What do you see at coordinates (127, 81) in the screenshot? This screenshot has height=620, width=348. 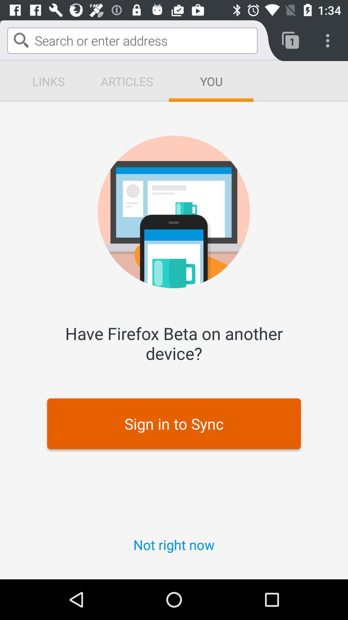 I see `the articles at the top of the page` at bounding box center [127, 81].